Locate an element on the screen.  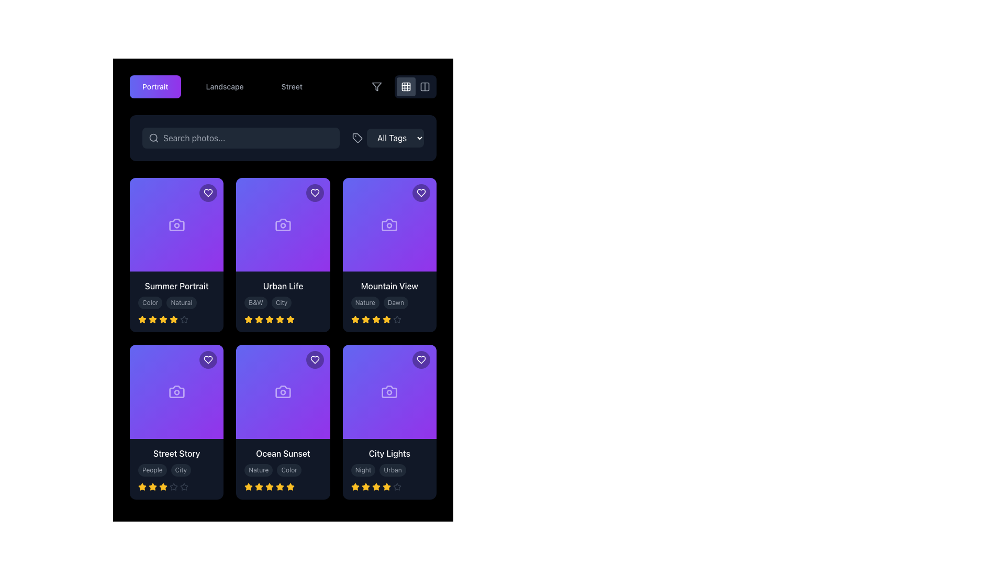
the decorative symbol or icon located in the upper-left corner of the 'Summer Portrait' card component is located at coordinates (176, 224).